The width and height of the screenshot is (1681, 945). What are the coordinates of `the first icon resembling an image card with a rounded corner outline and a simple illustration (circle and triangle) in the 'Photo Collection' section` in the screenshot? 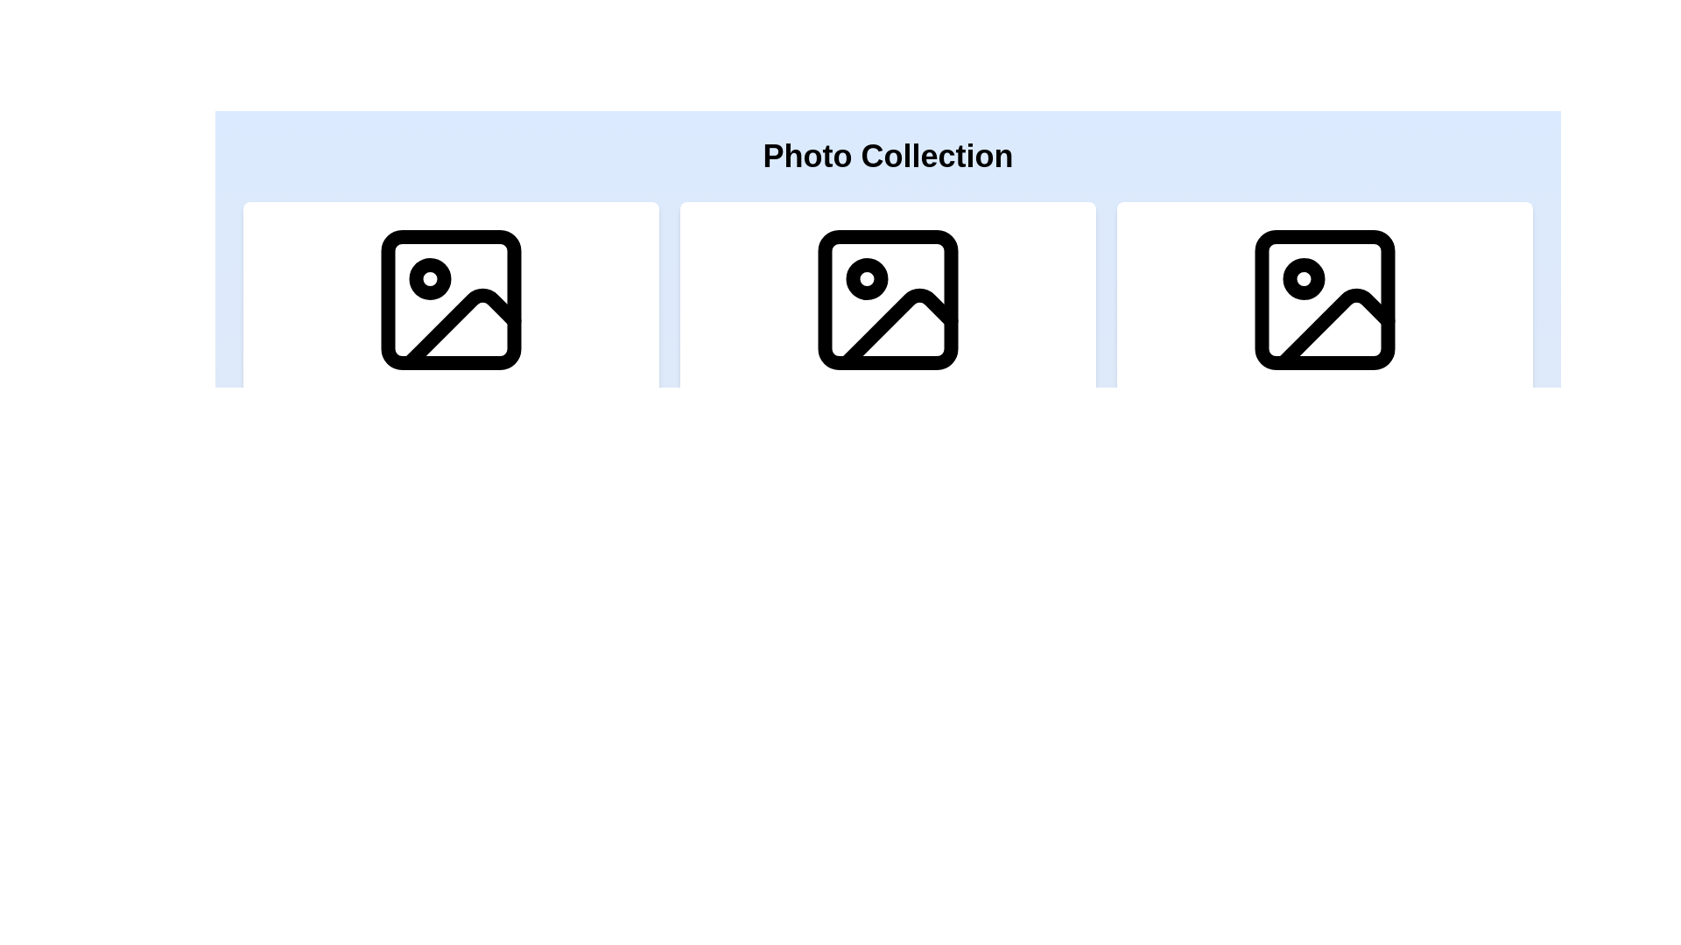 It's located at (451, 299).